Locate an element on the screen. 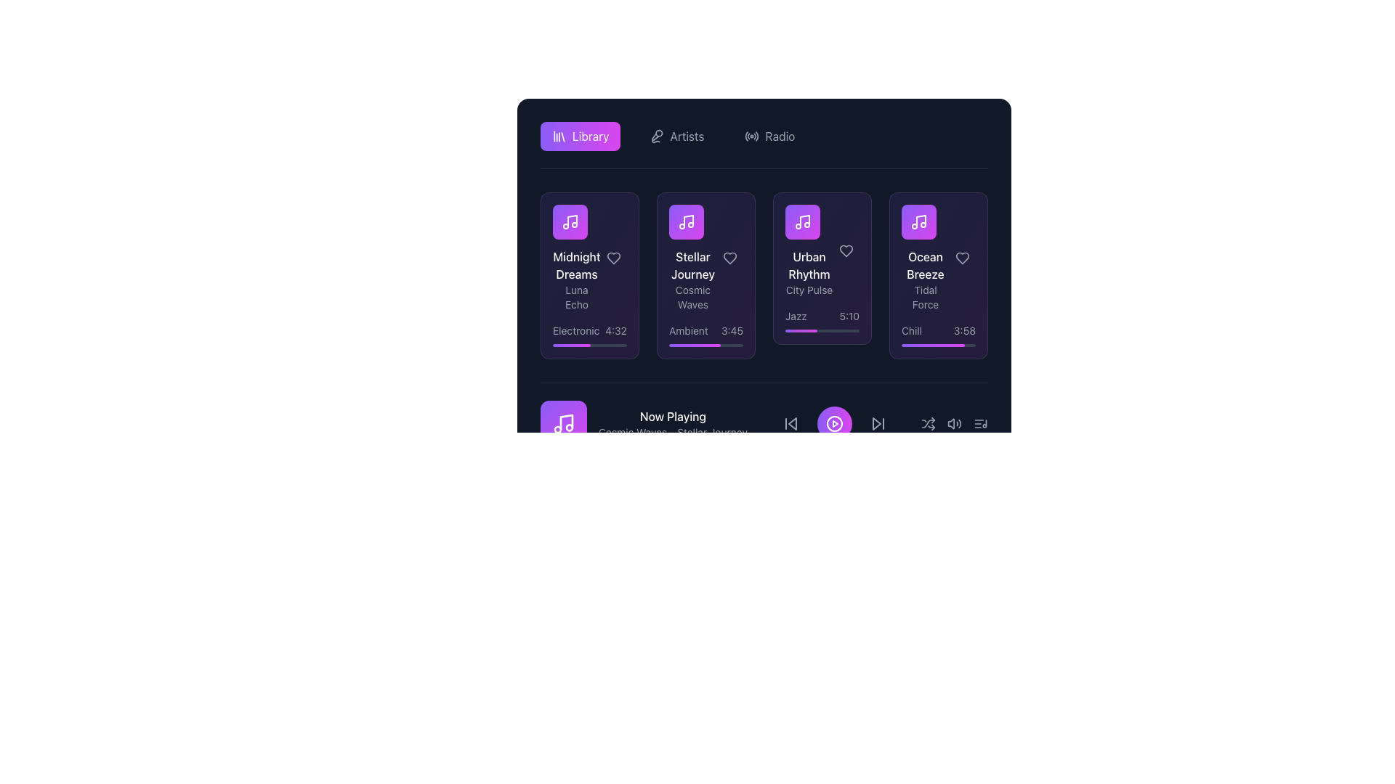 This screenshot has height=784, width=1395. the heart-shaped icon representing the 'favorite' functionality located at the top-right corner of the 'Urban Rhythm' card is located at coordinates (846, 250).